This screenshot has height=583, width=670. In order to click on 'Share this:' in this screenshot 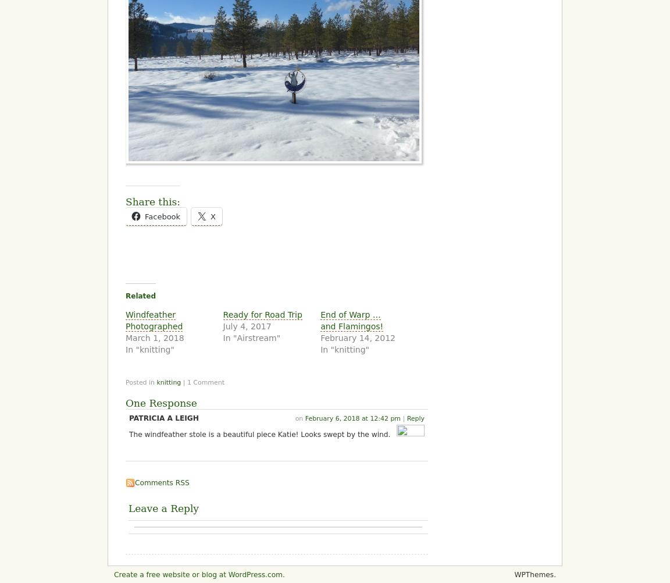, I will do `click(126, 201)`.